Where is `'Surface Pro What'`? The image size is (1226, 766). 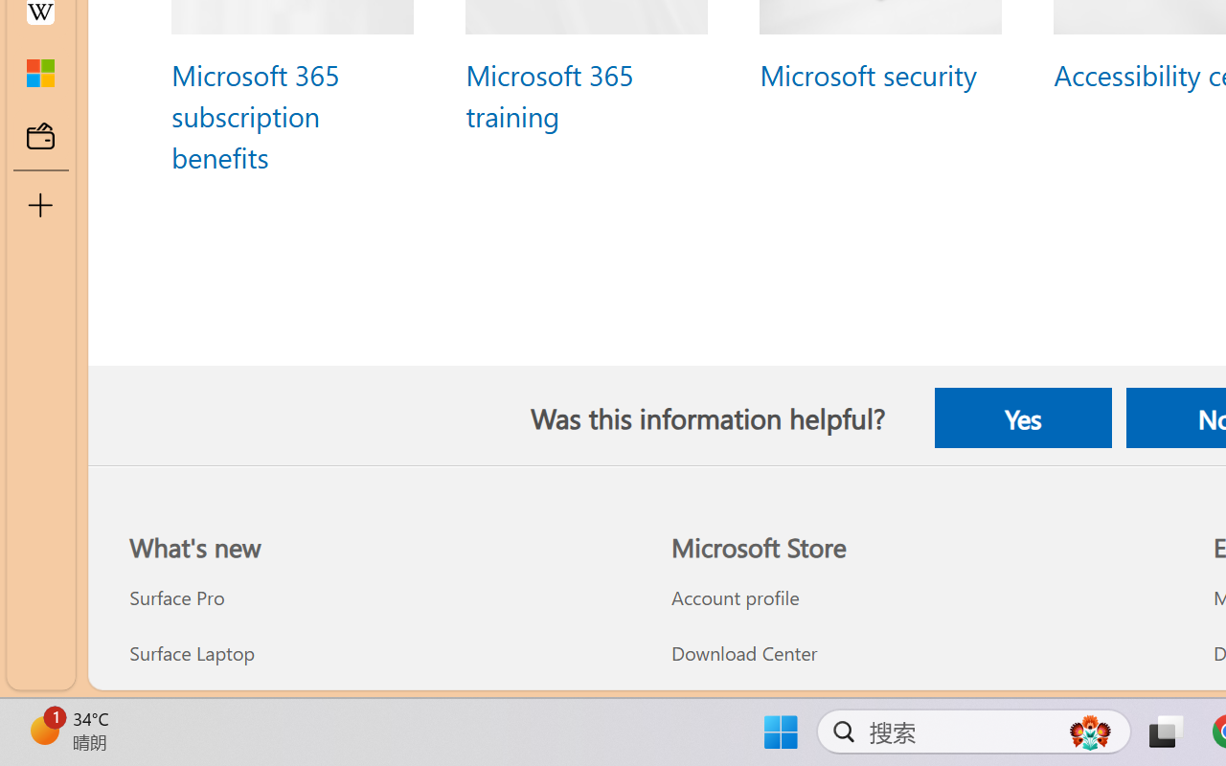
'Surface Pro What' is located at coordinates (176, 597).